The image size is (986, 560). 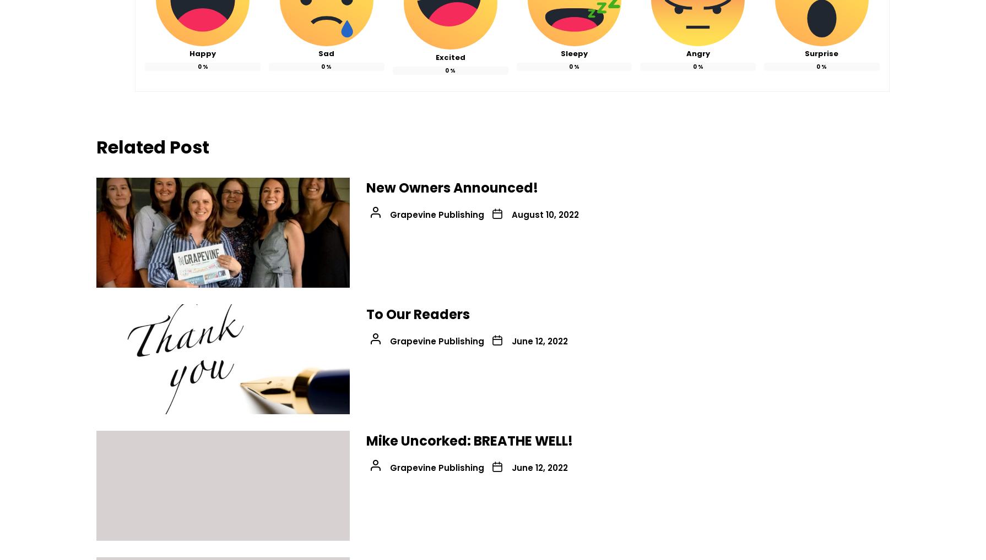 What do you see at coordinates (697, 53) in the screenshot?
I see `'Angry'` at bounding box center [697, 53].